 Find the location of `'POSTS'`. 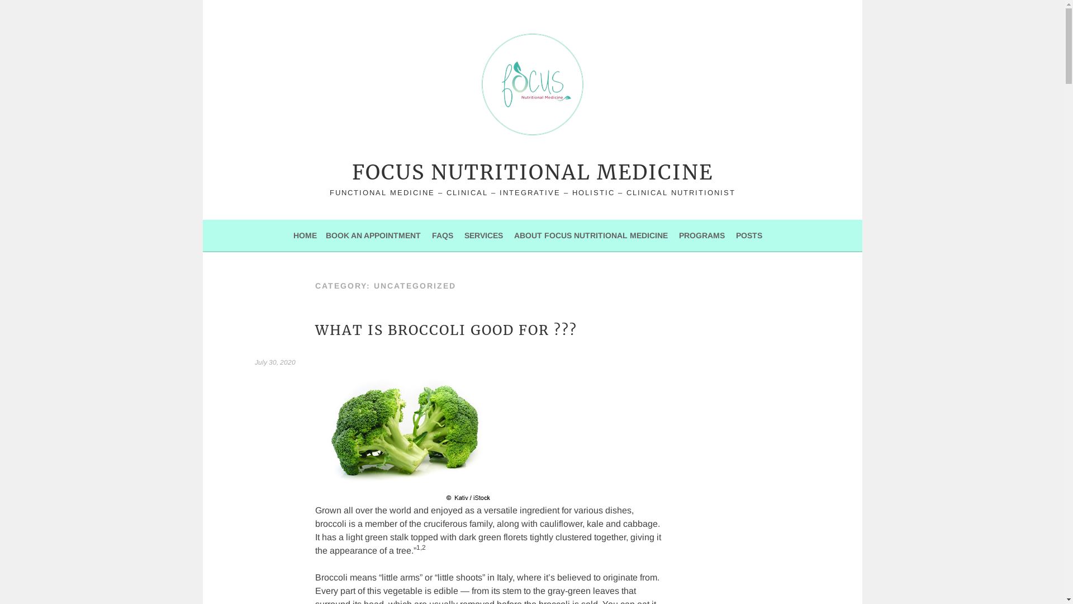

'POSTS' is located at coordinates (749, 234).